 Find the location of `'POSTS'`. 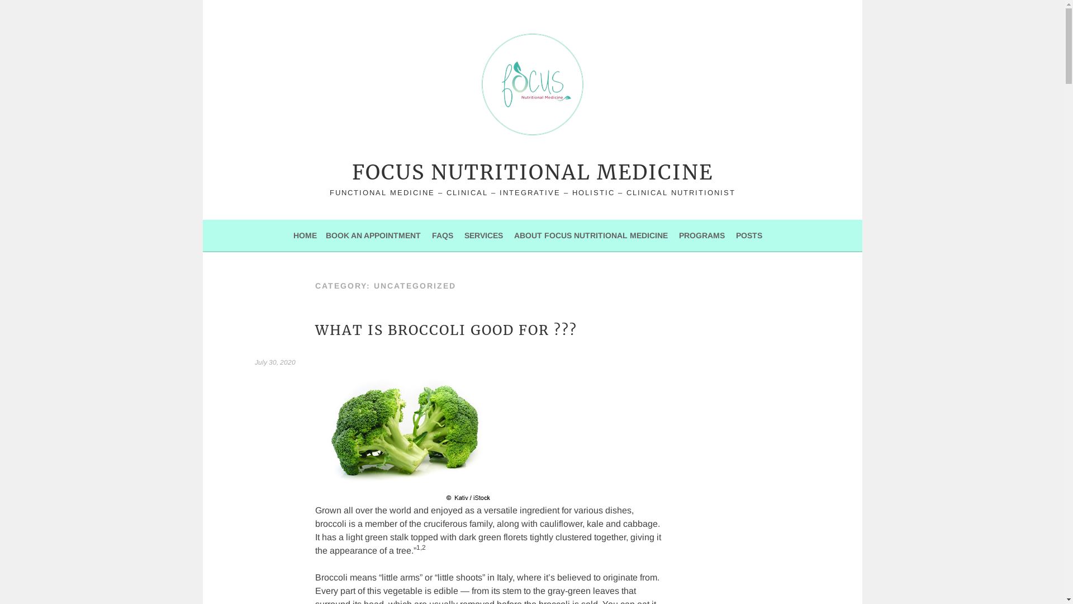

'POSTS' is located at coordinates (749, 234).